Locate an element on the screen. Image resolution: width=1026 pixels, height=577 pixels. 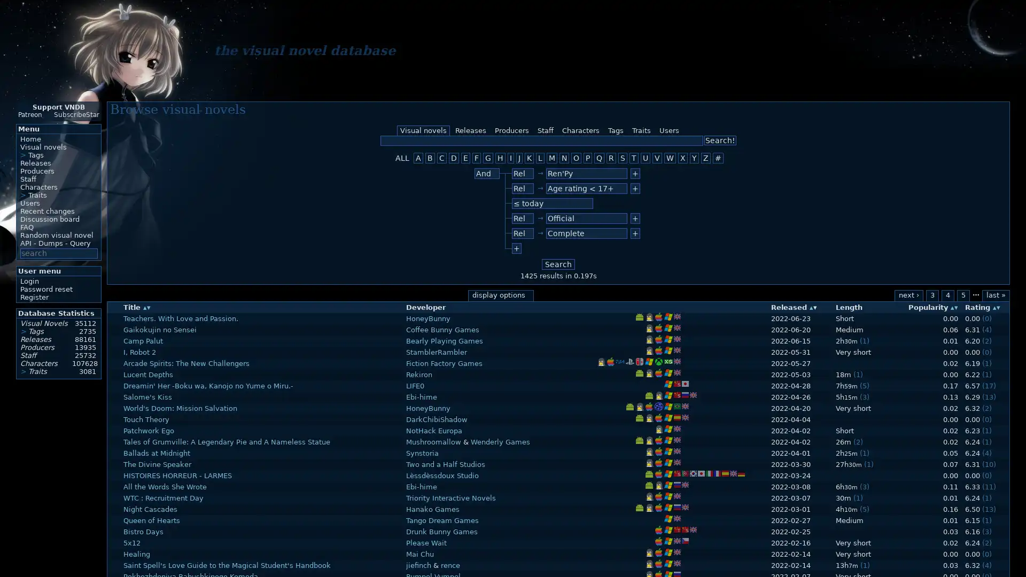
S is located at coordinates (623, 158).